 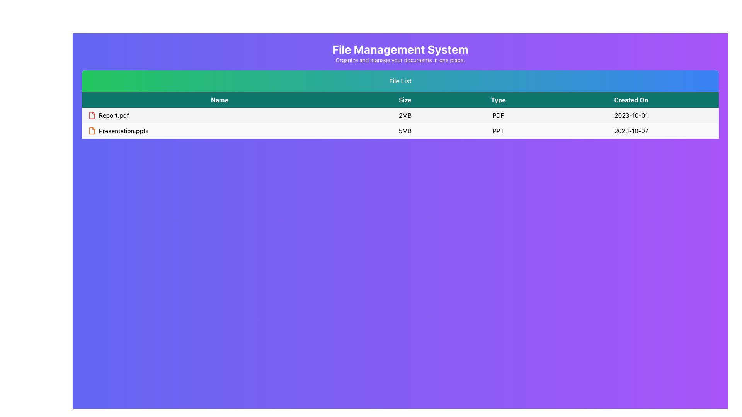 I want to click on the text label indicating the file type in the 'Type' column of the first row in the 'File List' table, positioned after the '2MB' label and before the '2023-10-01' label, so click(x=498, y=115).